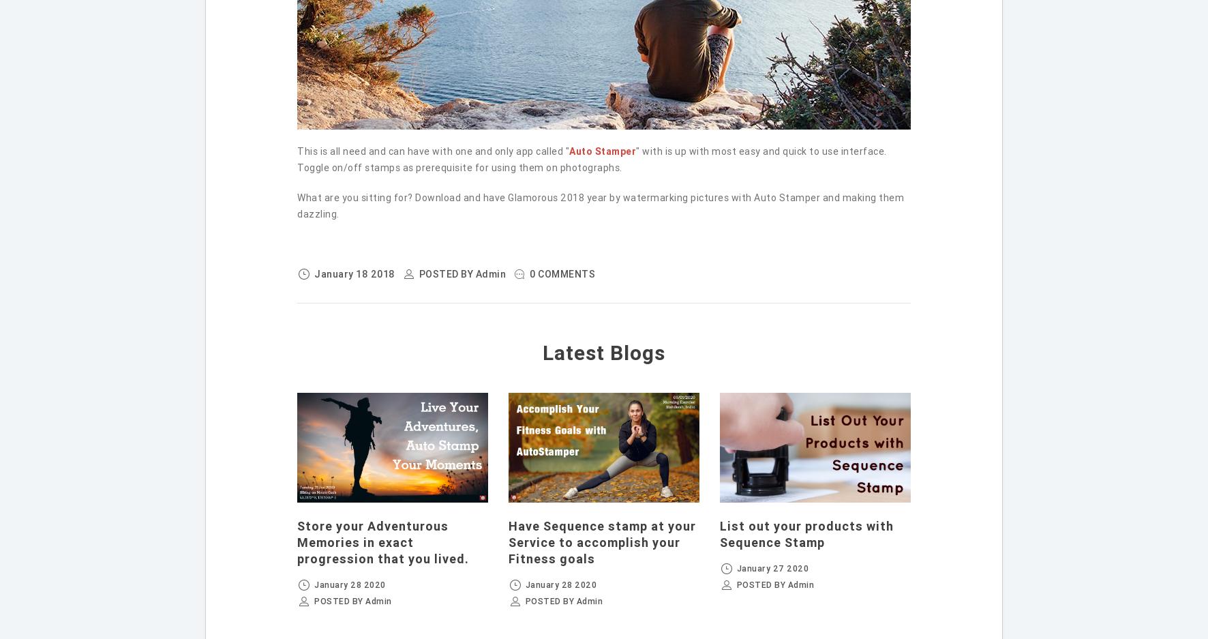 The height and width of the screenshot is (639, 1208). What do you see at coordinates (507, 541) in the screenshot?
I see `'Have Sequence stamp at your Service to accomplish your Fitness goals'` at bounding box center [507, 541].